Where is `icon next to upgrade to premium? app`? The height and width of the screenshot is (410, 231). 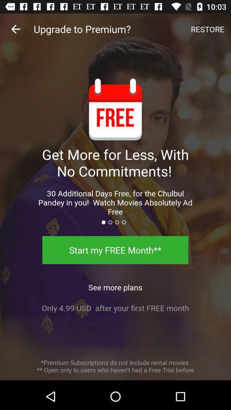 icon next to upgrade to premium? app is located at coordinates (207, 29).